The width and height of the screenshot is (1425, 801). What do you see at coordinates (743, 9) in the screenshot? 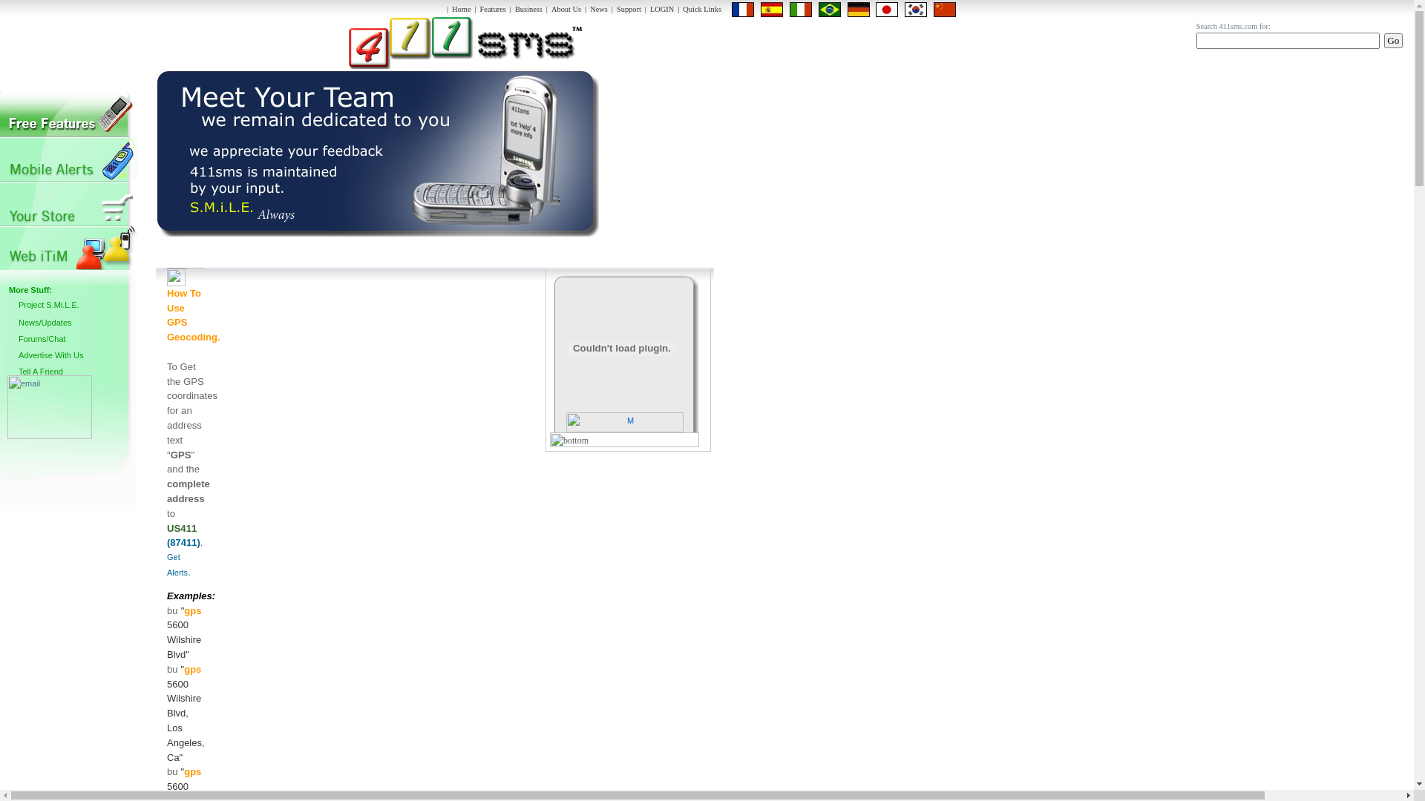
I see `'en|fr'` at bounding box center [743, 9].